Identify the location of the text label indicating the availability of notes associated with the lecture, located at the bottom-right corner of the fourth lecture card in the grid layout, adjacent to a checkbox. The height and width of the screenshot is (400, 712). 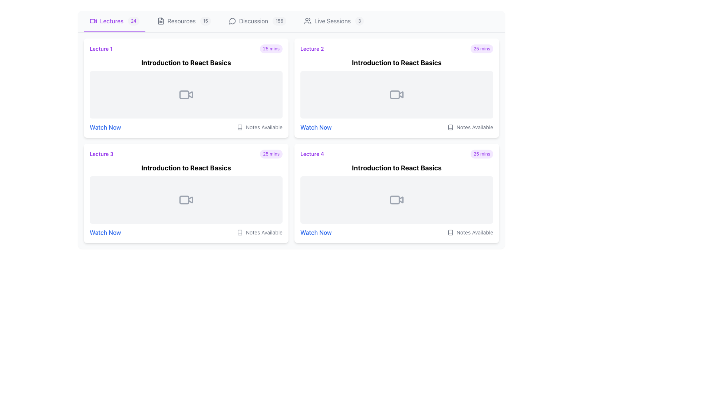
(475, 232).